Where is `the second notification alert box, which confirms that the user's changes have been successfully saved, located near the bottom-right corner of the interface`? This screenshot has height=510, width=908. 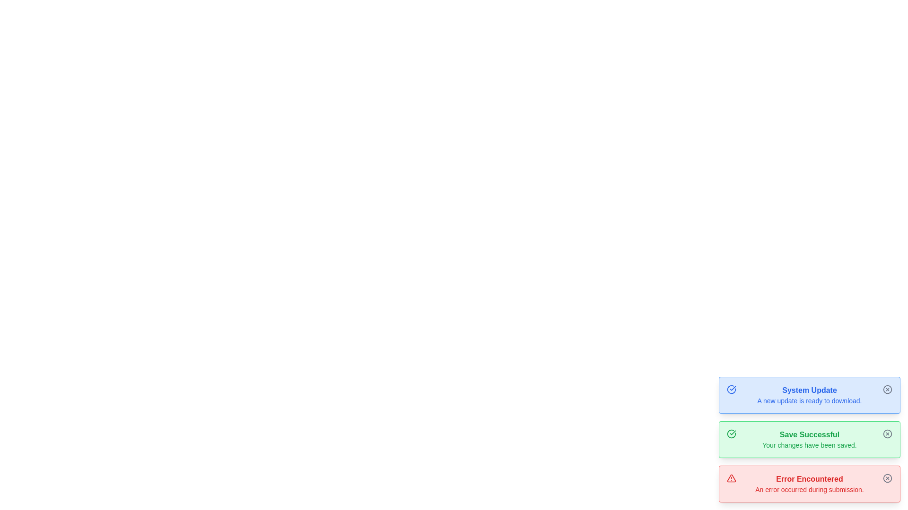
the second notification alert box, which confirms that the user's changes have been successfully saved, located near the bottom-right corner of the interface is located at coordinates (809, 439).